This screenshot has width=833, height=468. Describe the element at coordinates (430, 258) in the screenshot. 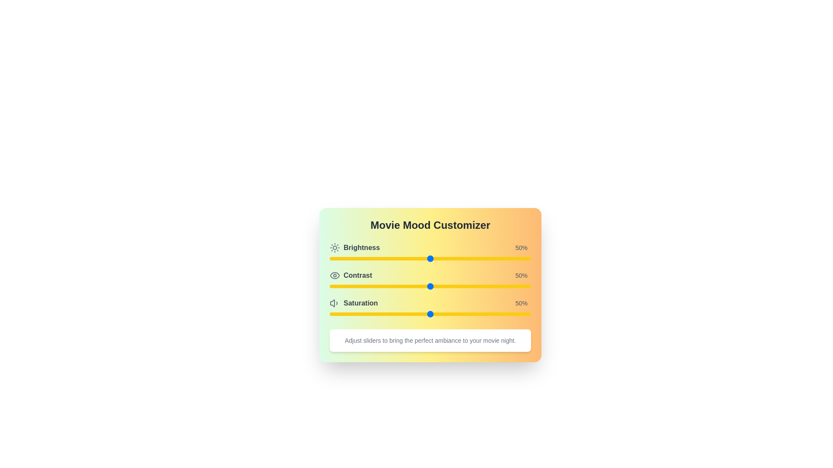

I see `the Range slider, which is a horizontal slider with a yellow background track located beneath the 'Brightness' text and above '50%'` at that location.